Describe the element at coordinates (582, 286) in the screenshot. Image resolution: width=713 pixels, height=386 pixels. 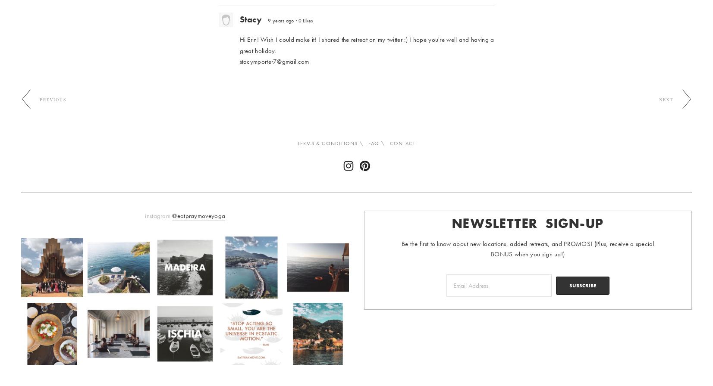
I see `'SUBSCRIBE'` at that location.